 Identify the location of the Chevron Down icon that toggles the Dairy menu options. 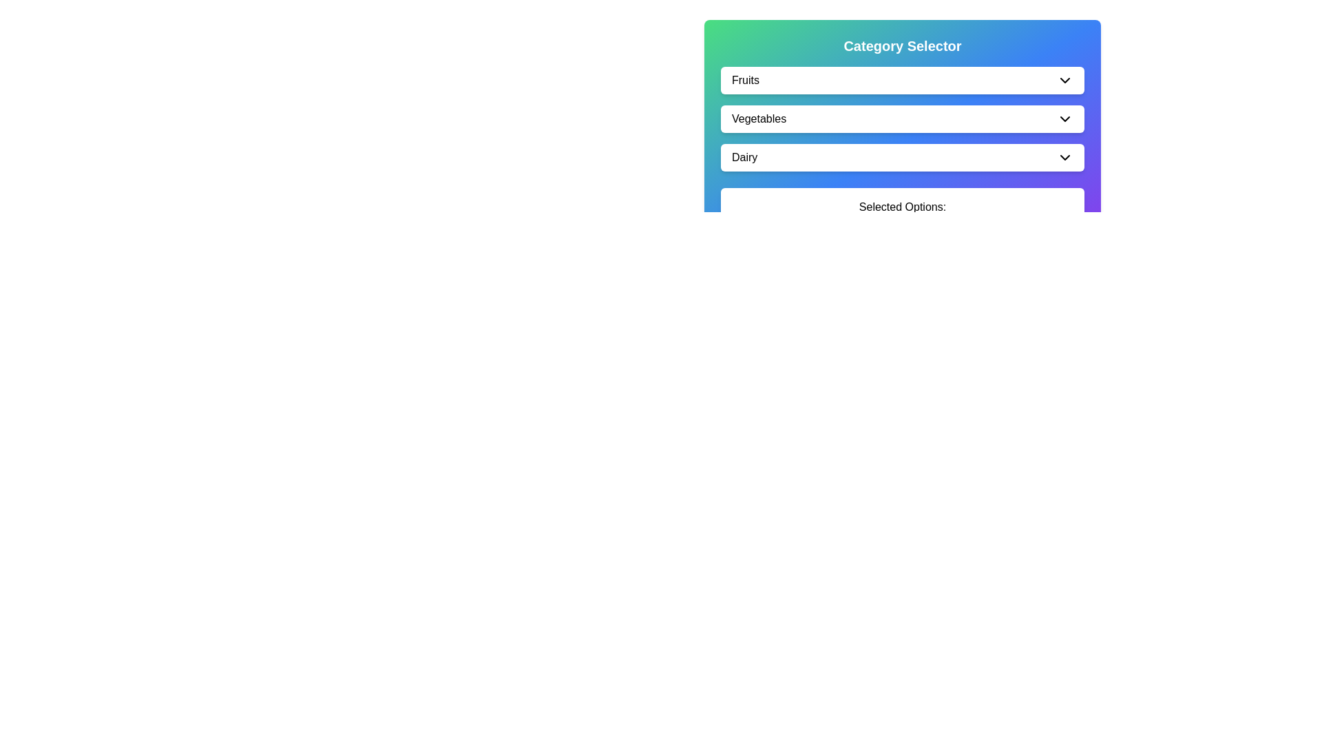
(1064, 156).